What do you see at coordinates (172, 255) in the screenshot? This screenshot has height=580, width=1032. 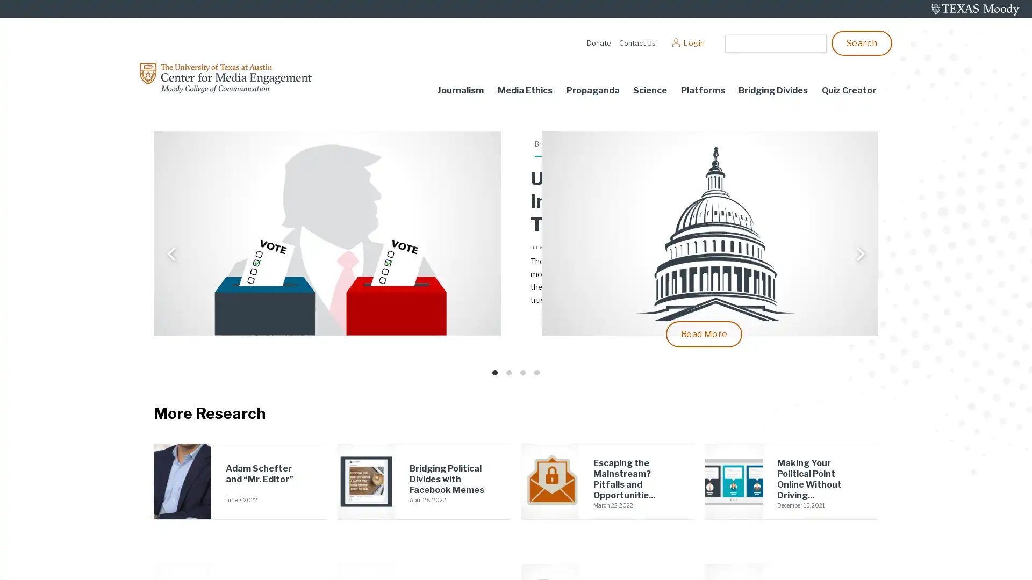 I see `Previous` at bounding box center [172, 255].